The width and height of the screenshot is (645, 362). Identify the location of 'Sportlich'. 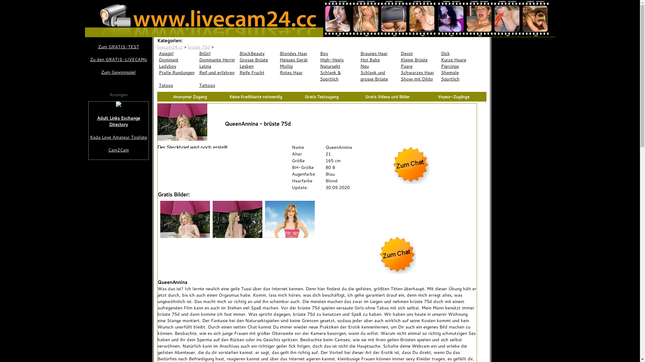
(459, 78).